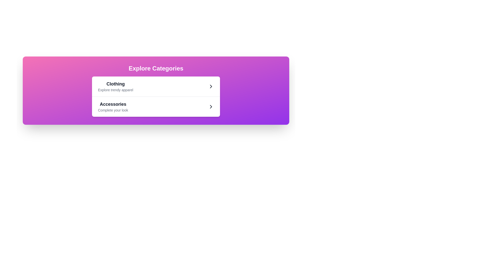 The height and width of the screenshot is (270, 480). What do you see at coordinates (211, 106) in the screenshot?
I see `the right-facing chevron icon at the far right of the 'Accessories' list item under the 'Explore Categories' heading` at bounding box center [211, 106].